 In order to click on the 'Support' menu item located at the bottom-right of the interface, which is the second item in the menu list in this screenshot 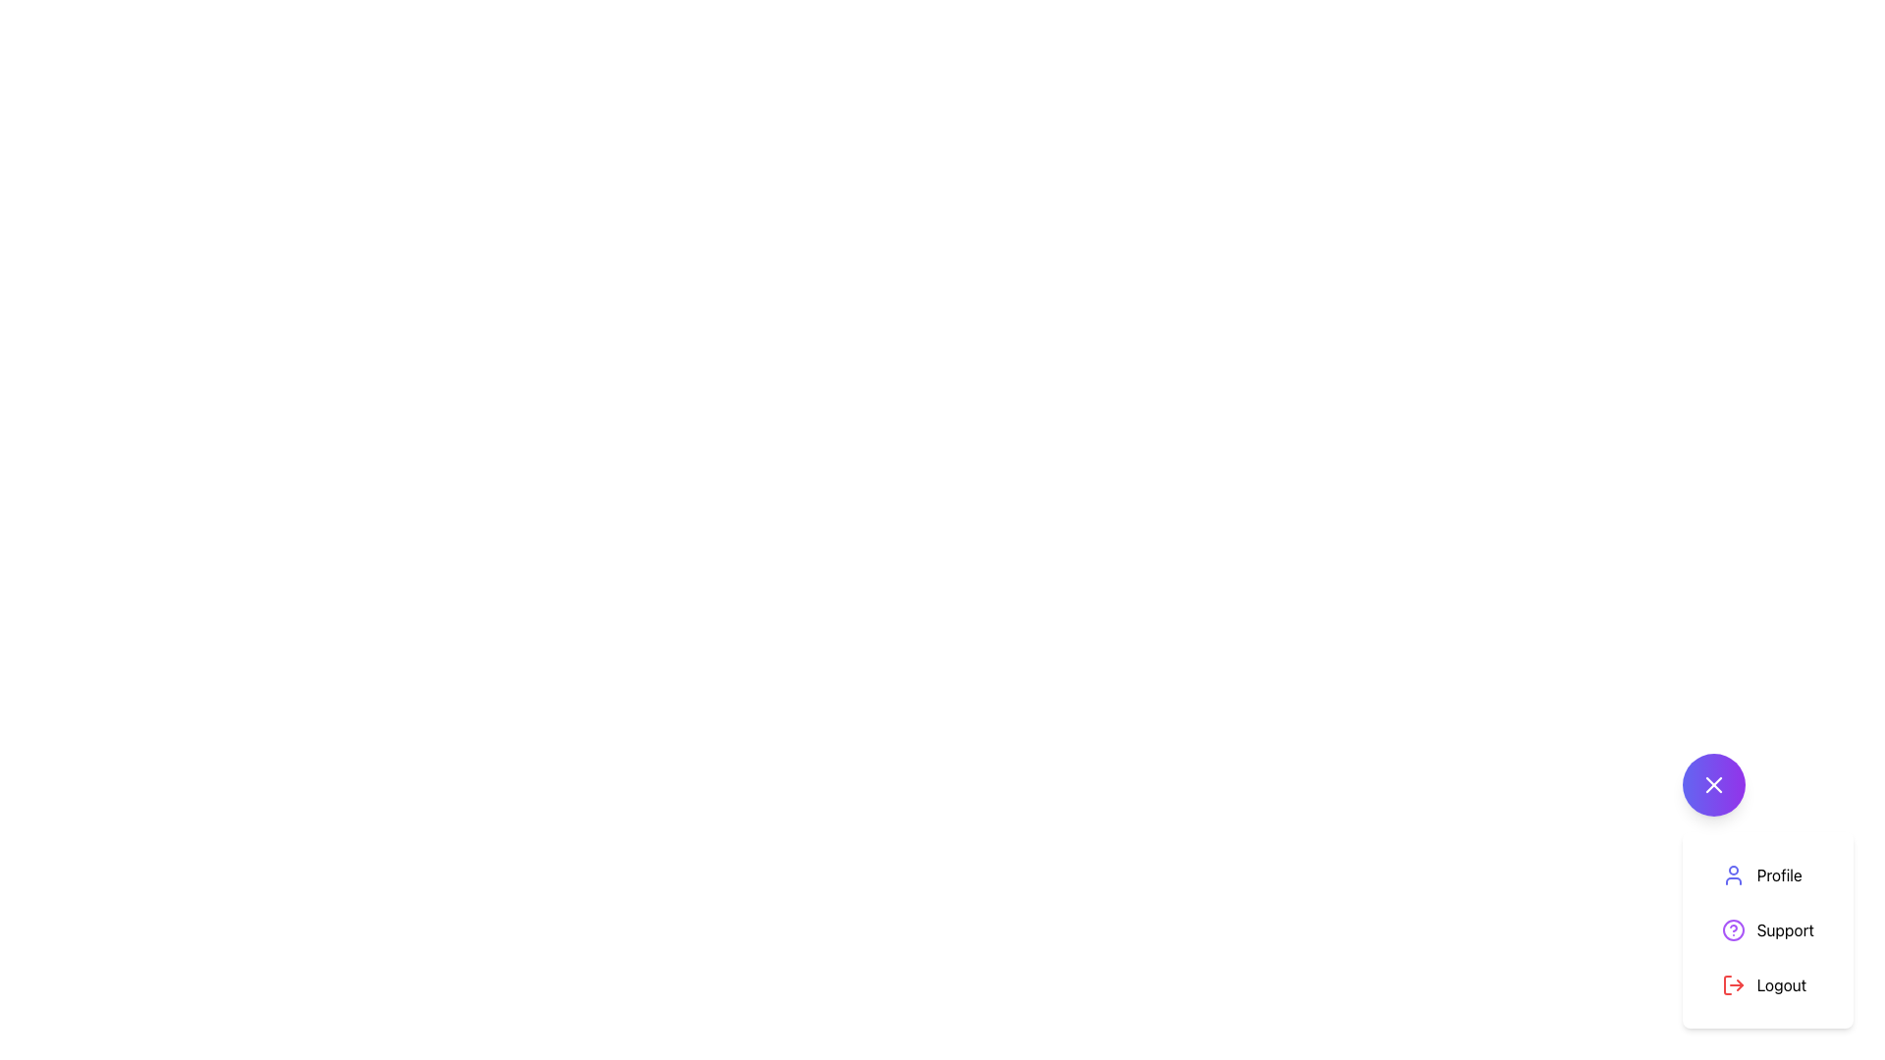, I will do `click(1767, 929)`.